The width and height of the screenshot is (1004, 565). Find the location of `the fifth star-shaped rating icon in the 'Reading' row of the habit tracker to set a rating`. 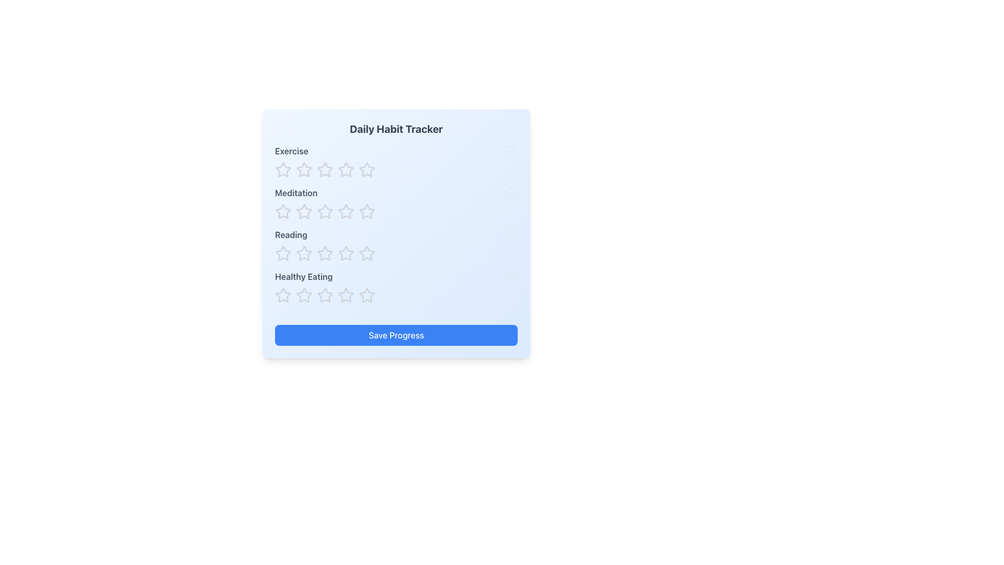

the fifth star-shaped rating icon in the 'Reading' row of the habit tracker to set a rating is located at coordinates (367, 254).